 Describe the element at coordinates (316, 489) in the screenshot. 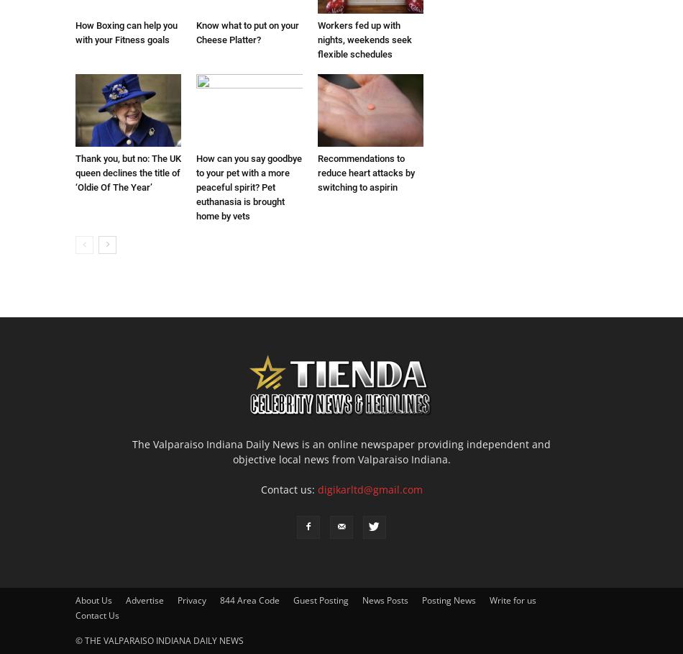

I see `'digikarltd@gmail.com'` at that location.